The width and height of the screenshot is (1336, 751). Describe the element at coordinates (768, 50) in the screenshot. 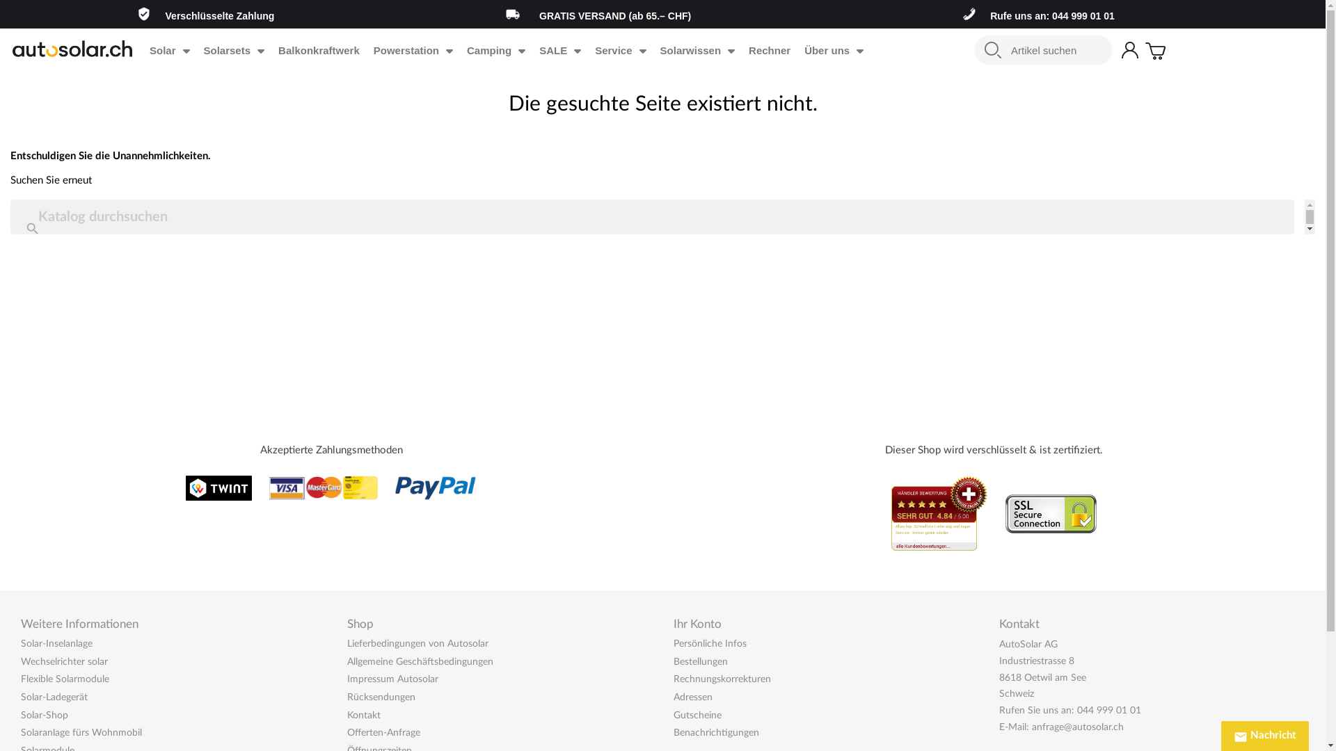

I see `'Rechner'` at that location.